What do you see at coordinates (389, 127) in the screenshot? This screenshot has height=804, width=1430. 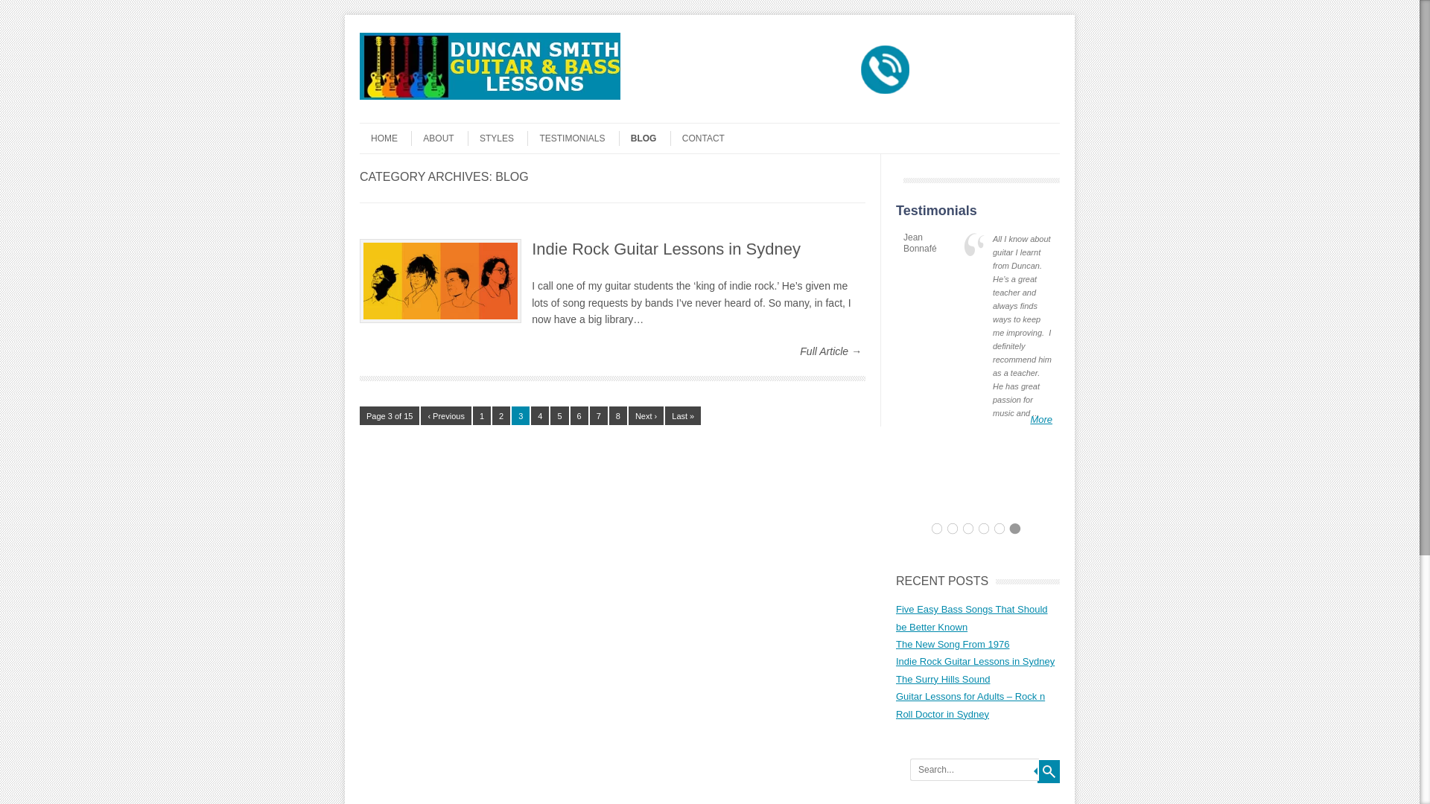 I see `'Skip to content'` at bounding box center [389, 127].